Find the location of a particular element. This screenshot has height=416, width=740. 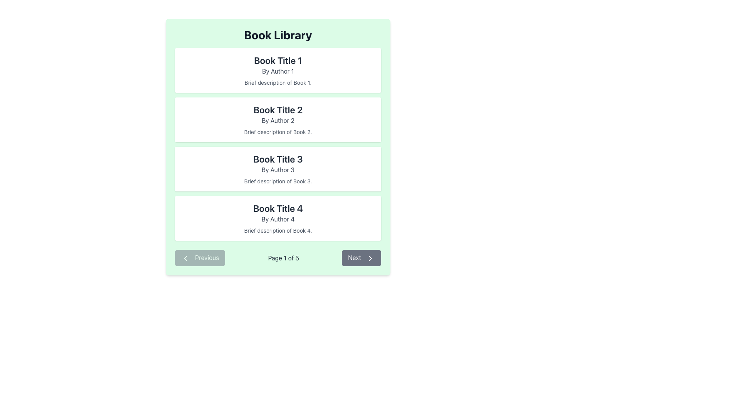

the text label indicating the author of the book, which is positioned below 'Book Title 1' and above 'Brief description of Book 1.' is located at coordinates (277, 71).